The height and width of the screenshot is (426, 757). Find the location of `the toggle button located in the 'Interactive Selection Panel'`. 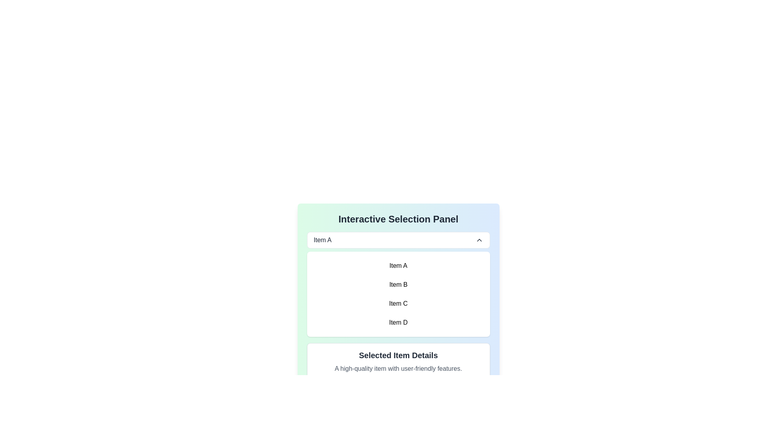

the toggle button located in the 'Interactive Selection Panel' is located at coordinates (398, 240).